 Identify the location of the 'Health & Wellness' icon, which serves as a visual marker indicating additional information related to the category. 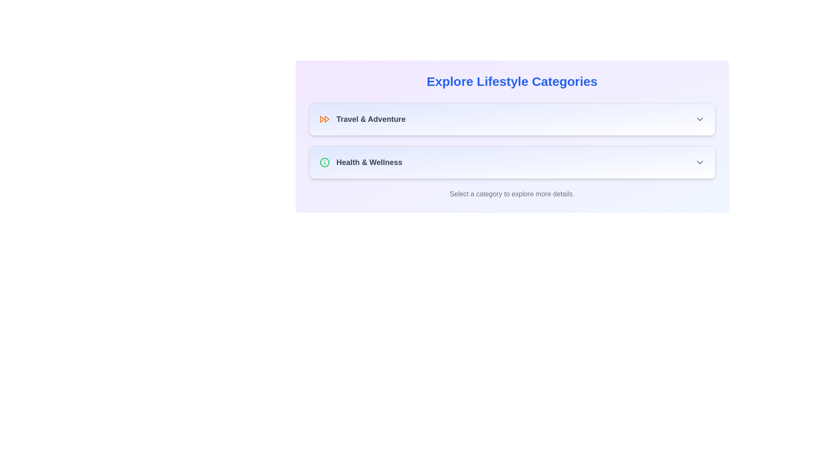
(324, 162).